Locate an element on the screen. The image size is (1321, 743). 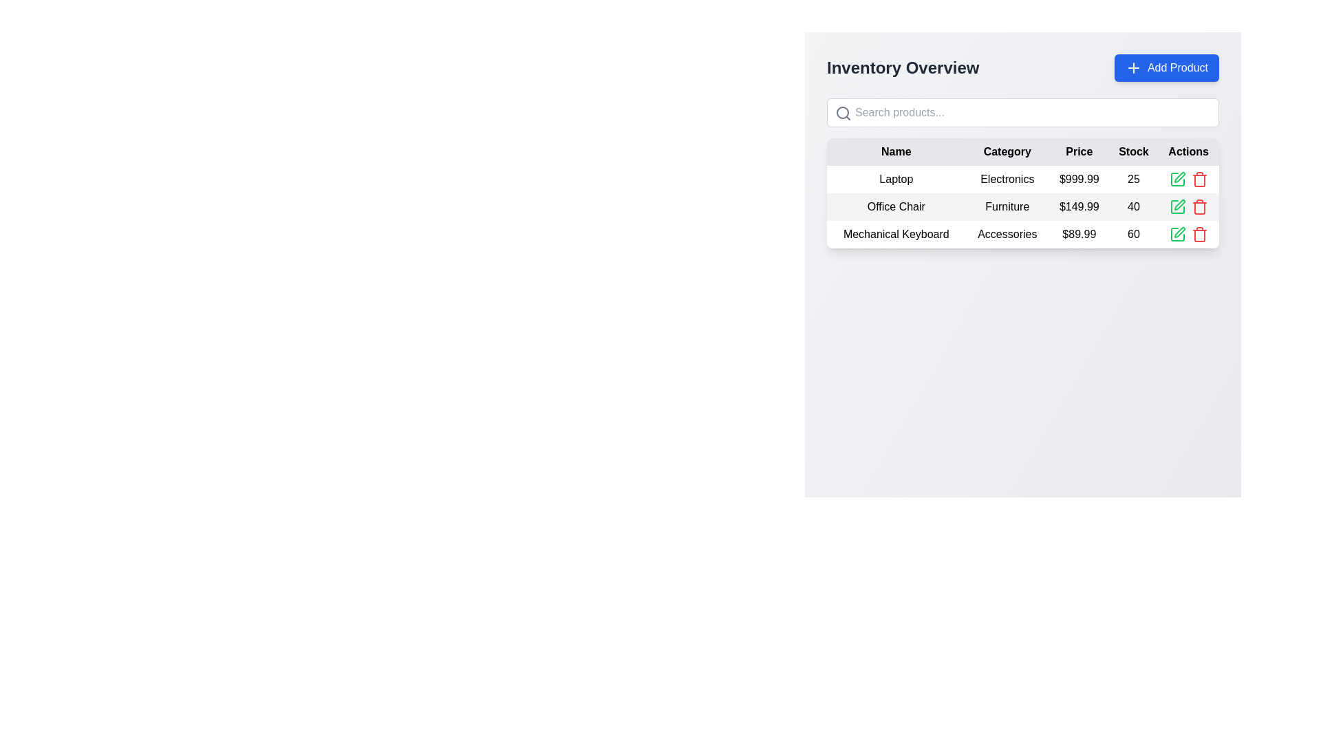
the Text label that is the second column header in the table, positioned between the 'Name' and 'Price' headers is located at coordinates (1007, 151).